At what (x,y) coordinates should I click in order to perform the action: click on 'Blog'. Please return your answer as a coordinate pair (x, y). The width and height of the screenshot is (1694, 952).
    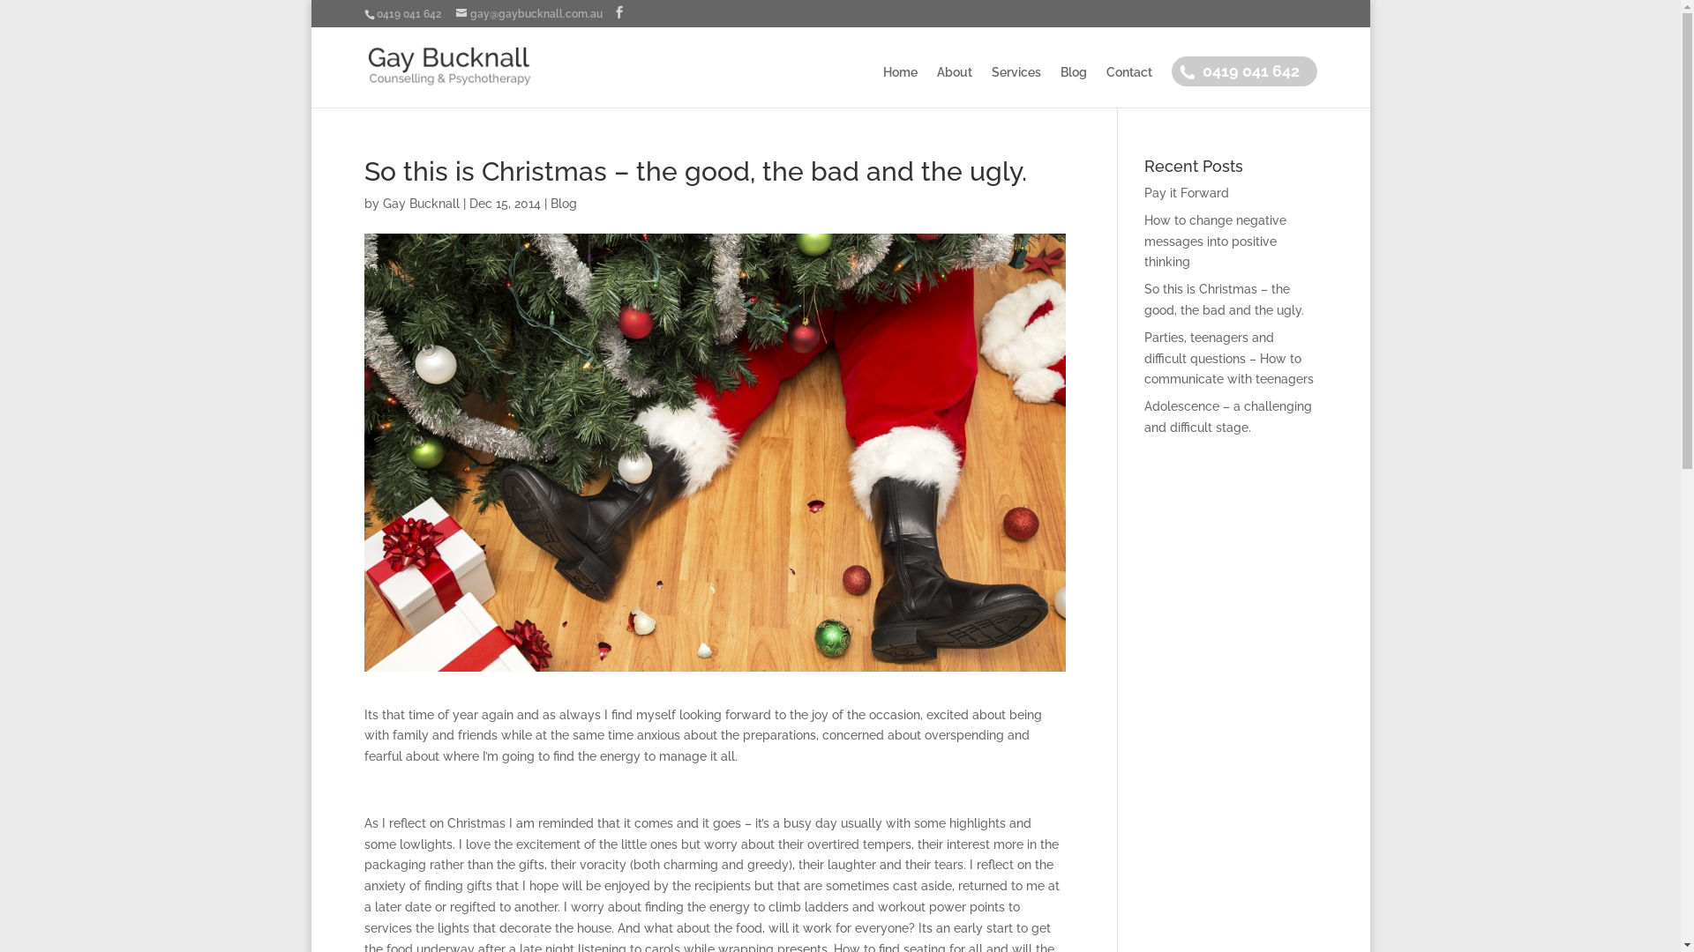
    Looking at the image, I should click on (1059, 86).